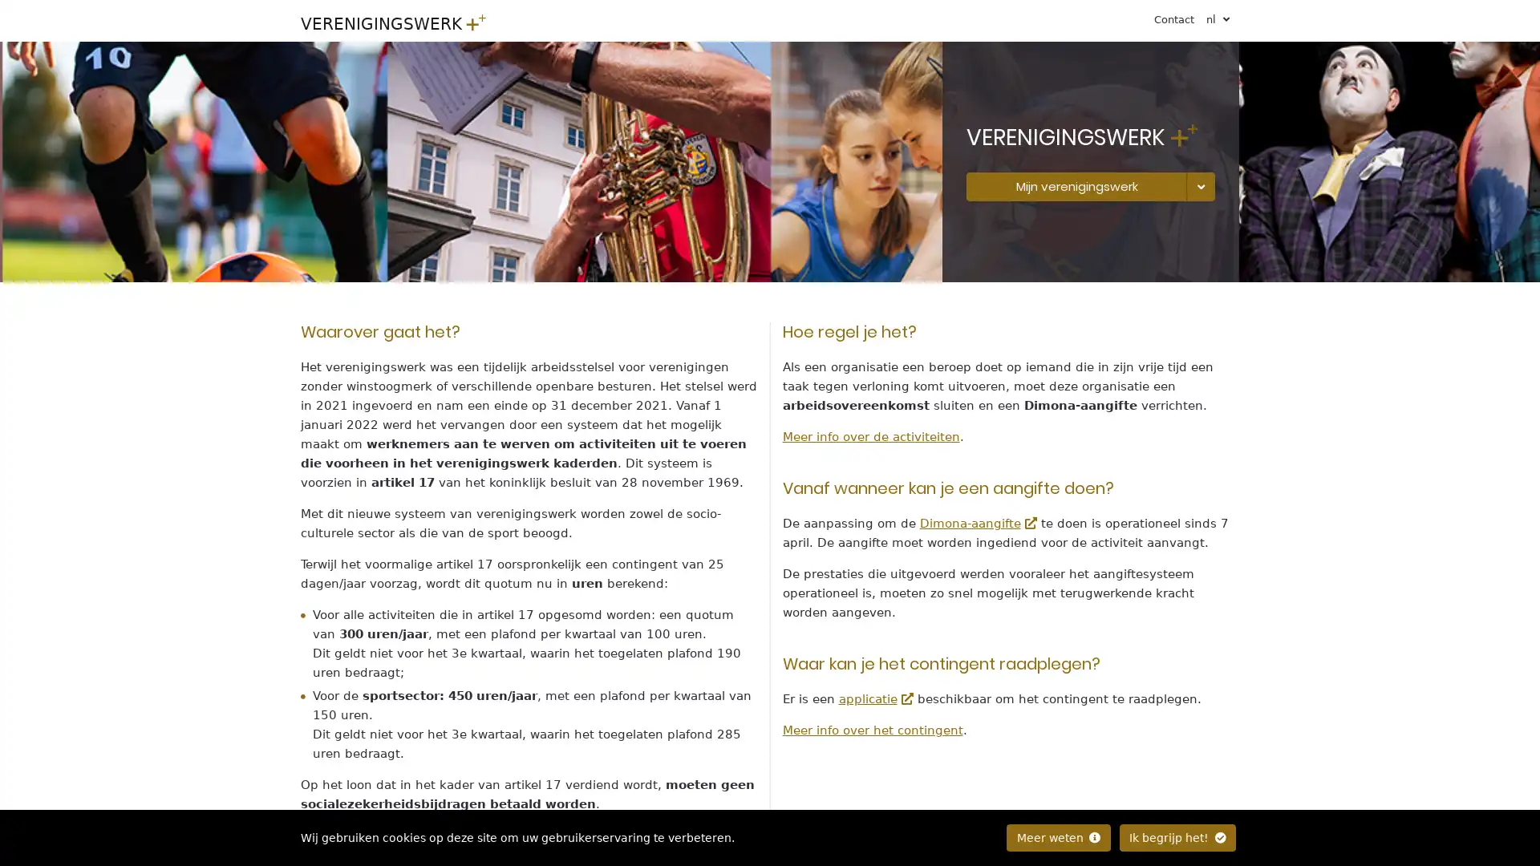  What do you see at coordinates (1177, 837) in the screenshot?
I see `Ik begrijp het!` at bounding box center [1177, 837].